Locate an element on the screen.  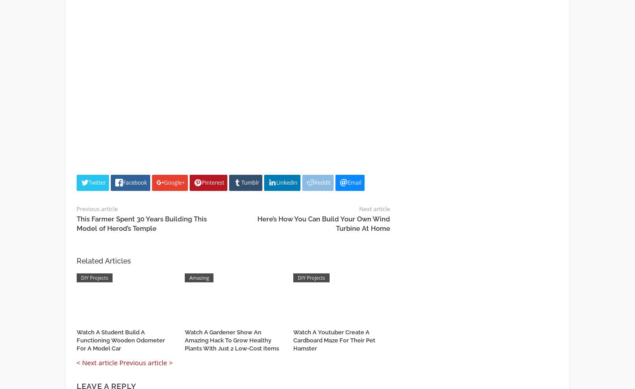
'Watch A Gardener Show An Amazing Hack To Grow Healthy Plants With Just 2 Low-Cost Items' is located at coordinates (231, 340).